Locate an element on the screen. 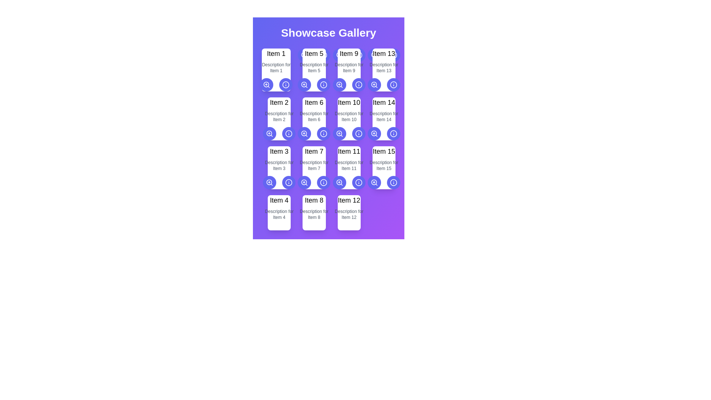  the circular outline icon located at the bottom right of the 'Item 14' card is located at coordinates (393, 134).